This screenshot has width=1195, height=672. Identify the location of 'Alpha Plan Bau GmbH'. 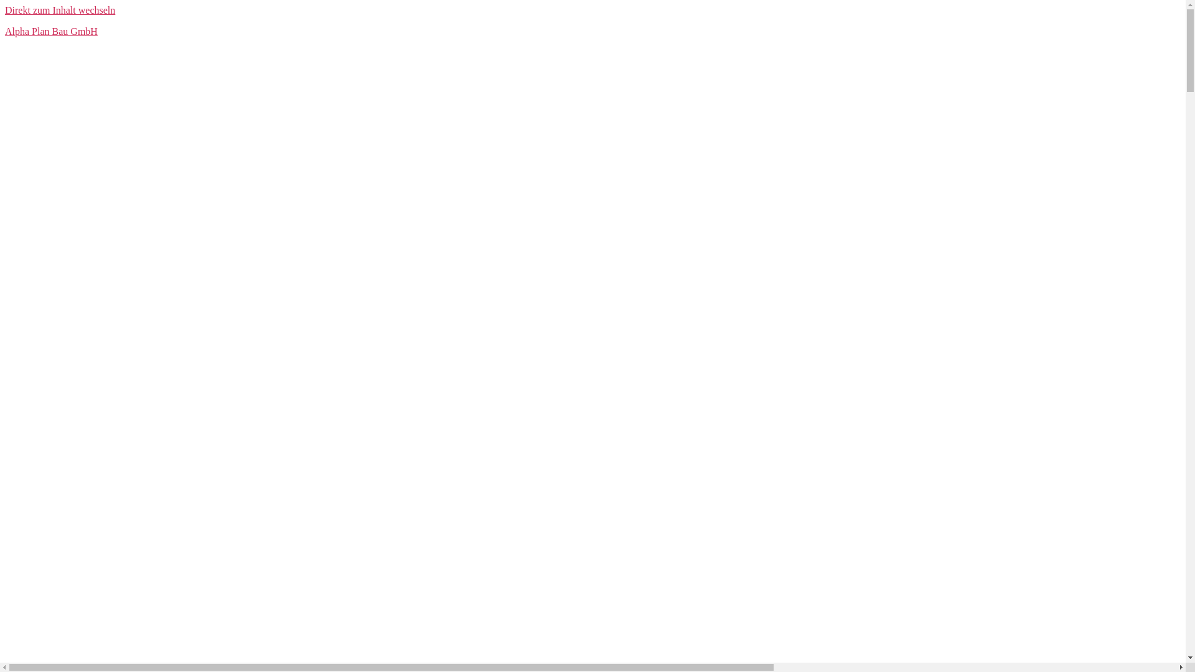
(50, 30).